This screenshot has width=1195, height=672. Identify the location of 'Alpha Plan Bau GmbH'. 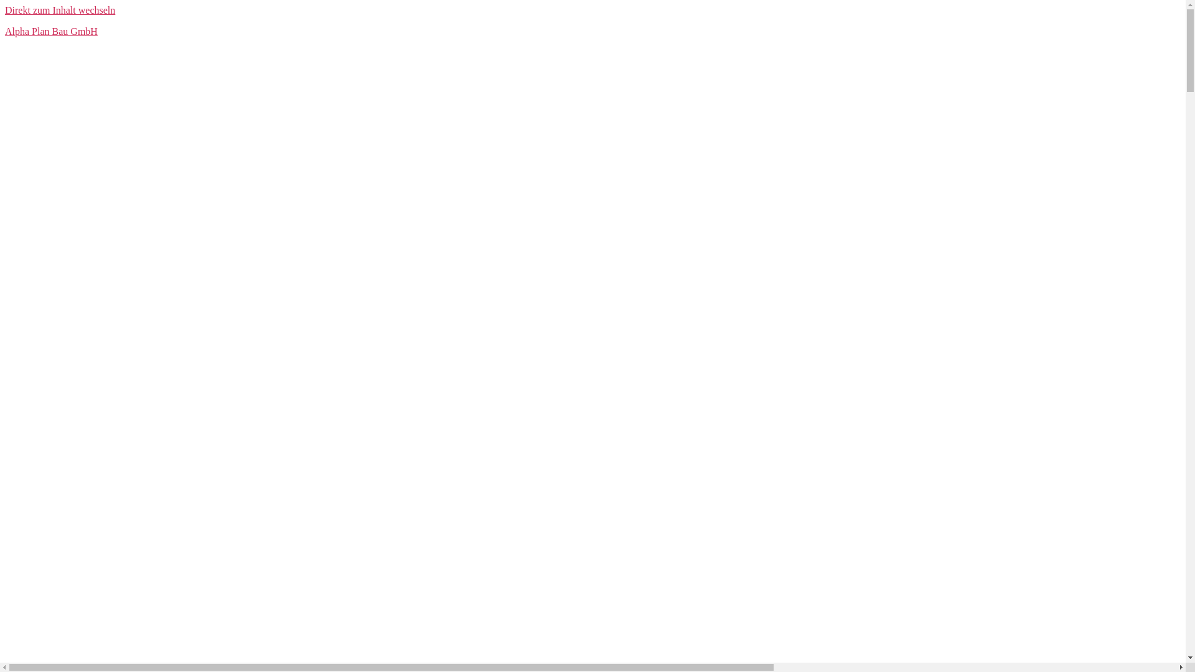
(50, 30).